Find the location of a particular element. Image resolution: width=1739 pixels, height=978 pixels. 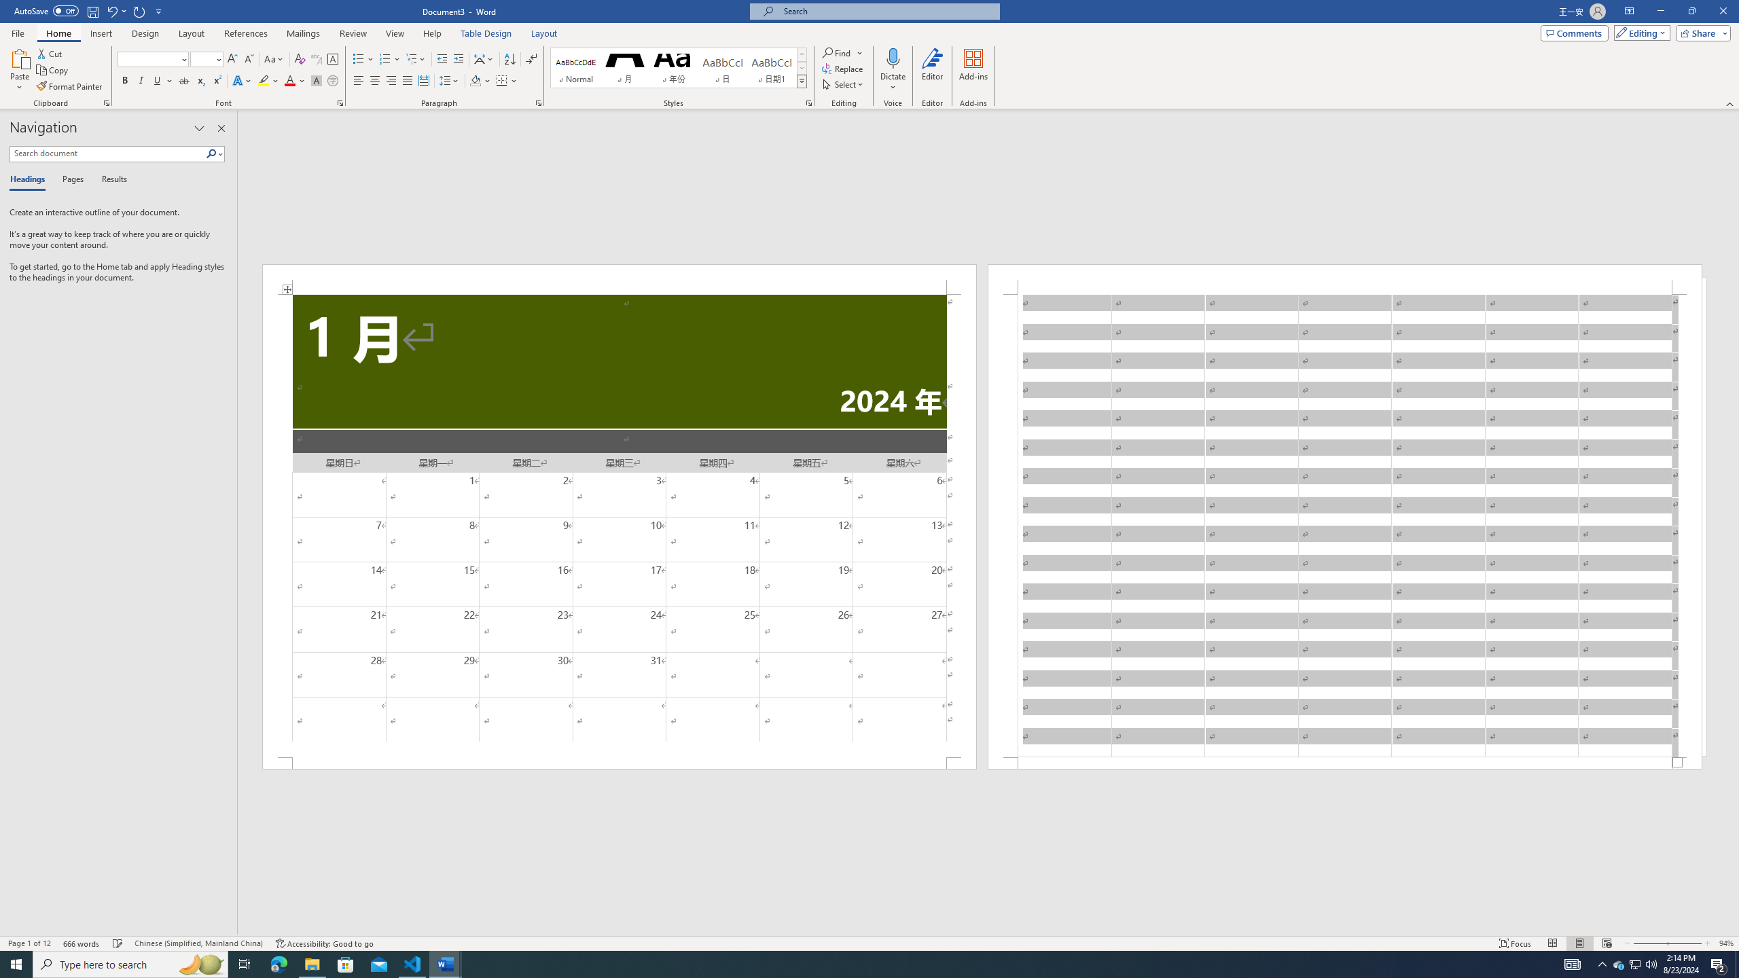

'Dictate' is located at coordinates (892, 70).